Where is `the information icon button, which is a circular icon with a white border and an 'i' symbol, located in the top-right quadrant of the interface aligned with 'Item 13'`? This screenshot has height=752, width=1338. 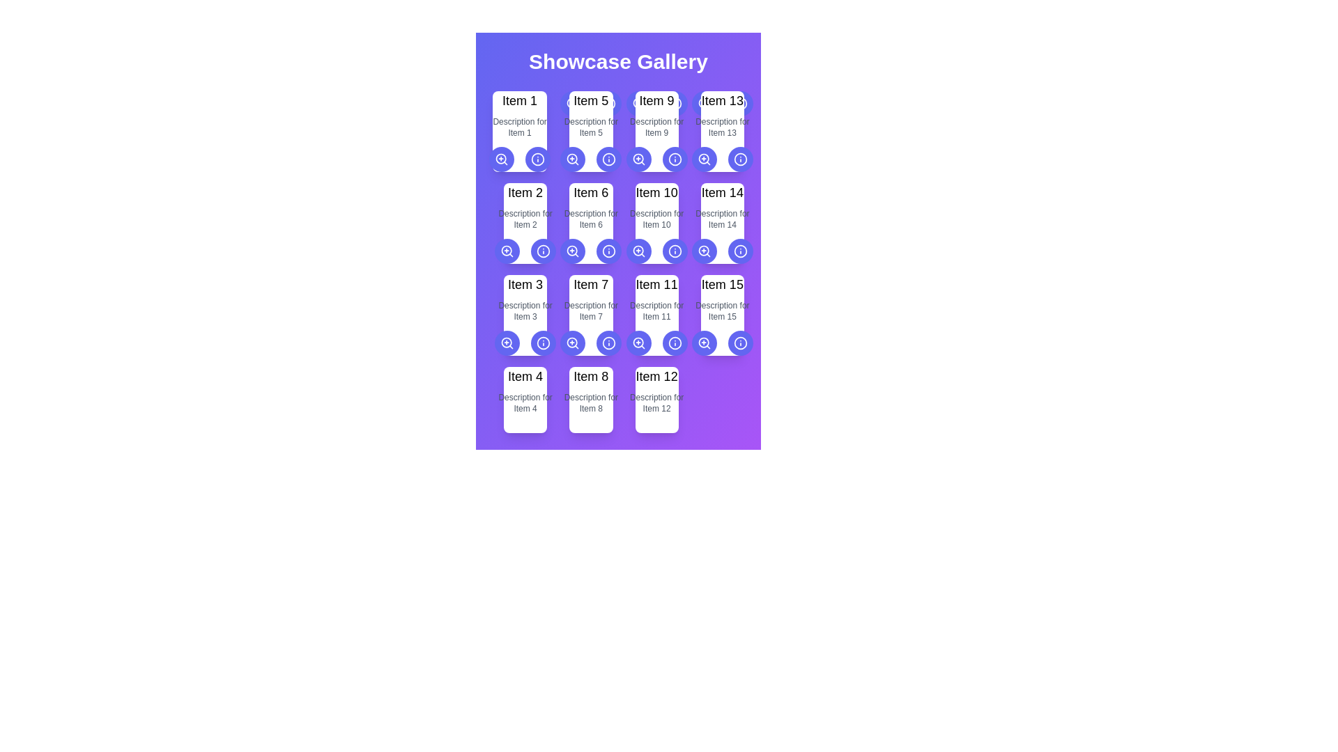 the information icon button, which is a circular icon with a white border and an 'i' symbol, located in the top-right quadrant of the interface aligned with 'Item 13' is located at coordinates (739, 158).